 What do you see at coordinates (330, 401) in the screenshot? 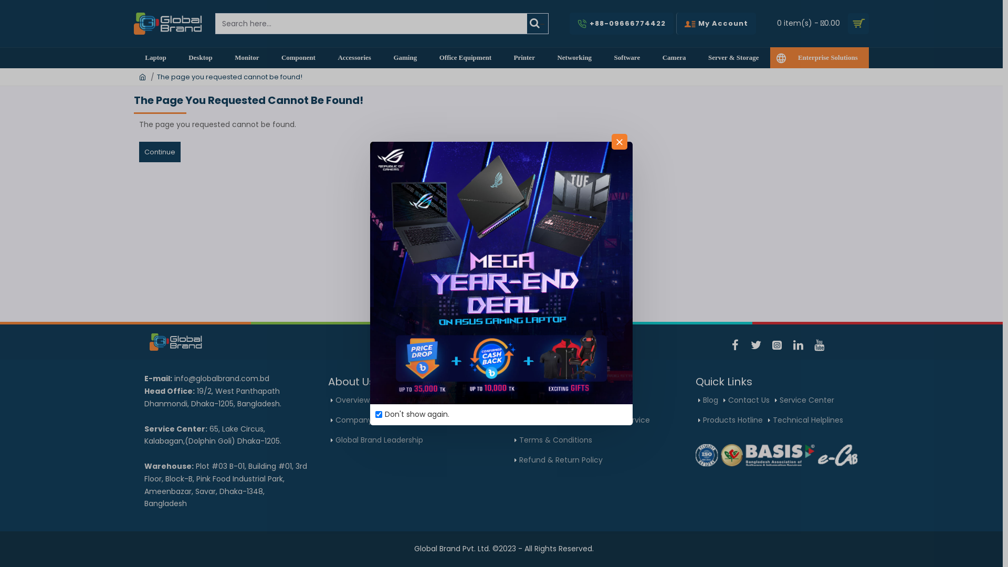
I see `'Overview'` at bounding box center [330, 401].